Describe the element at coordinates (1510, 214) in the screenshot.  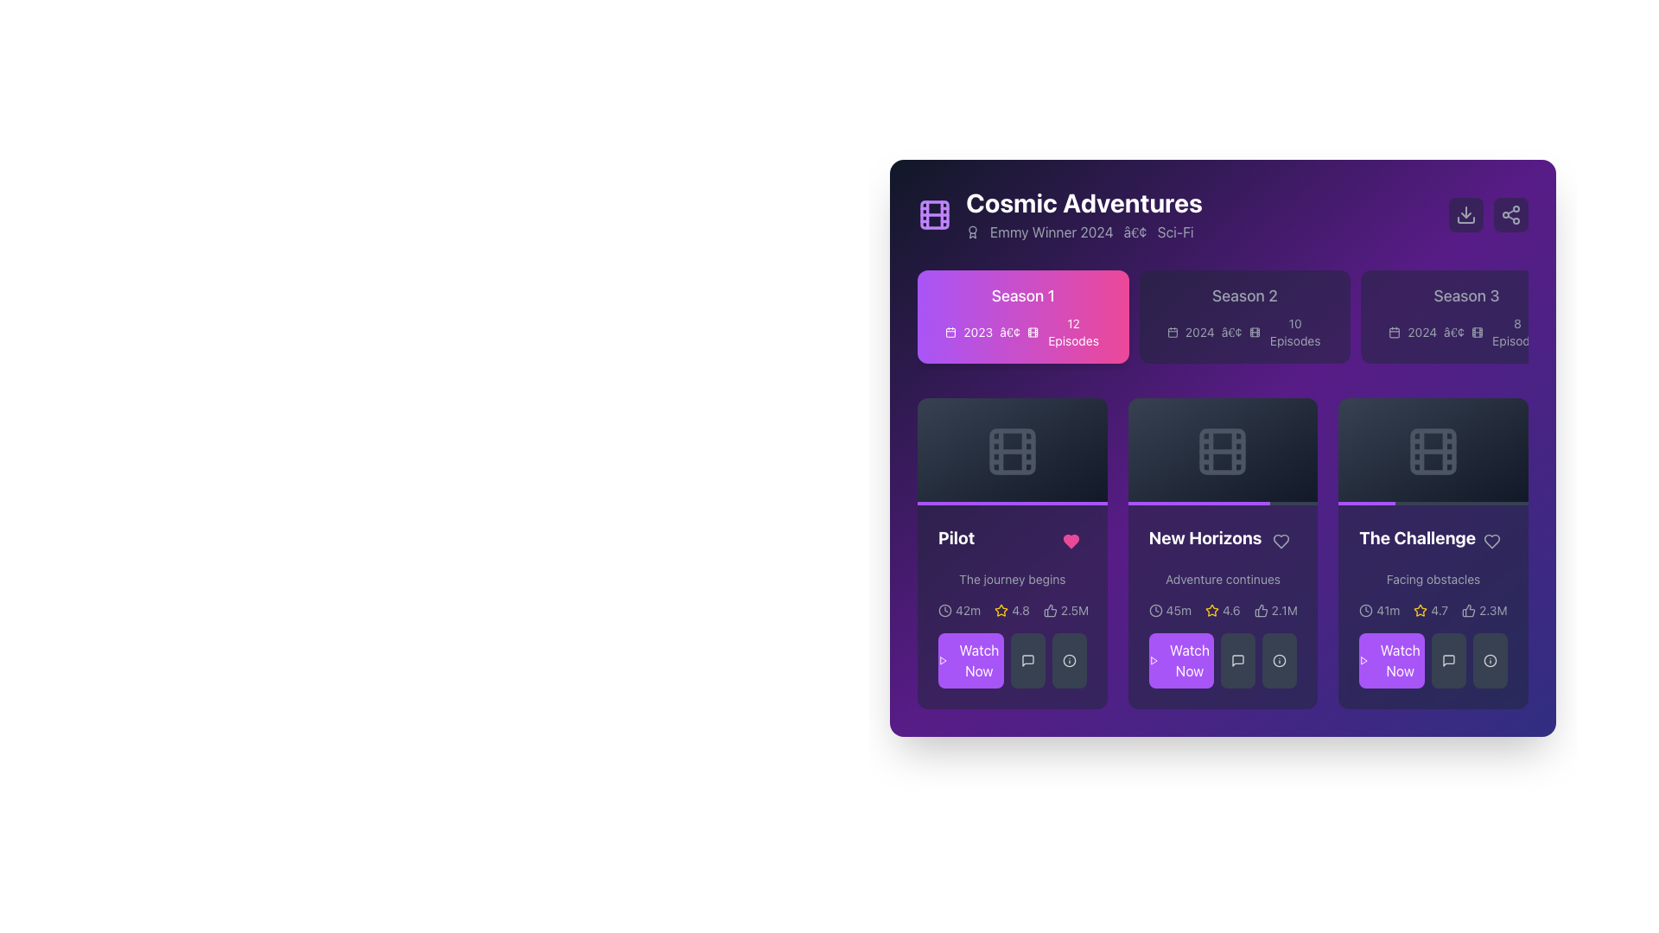
I see `the share button, which is the second button in a group of two interactive buttons located at the top right corner of the interface` at that location.